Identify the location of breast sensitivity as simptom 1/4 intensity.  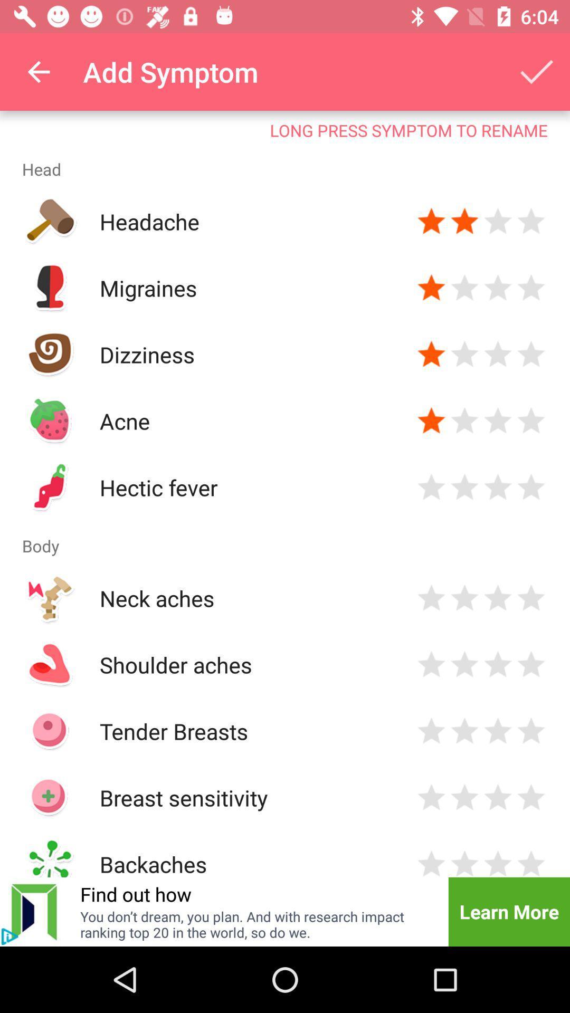
(431, 798).